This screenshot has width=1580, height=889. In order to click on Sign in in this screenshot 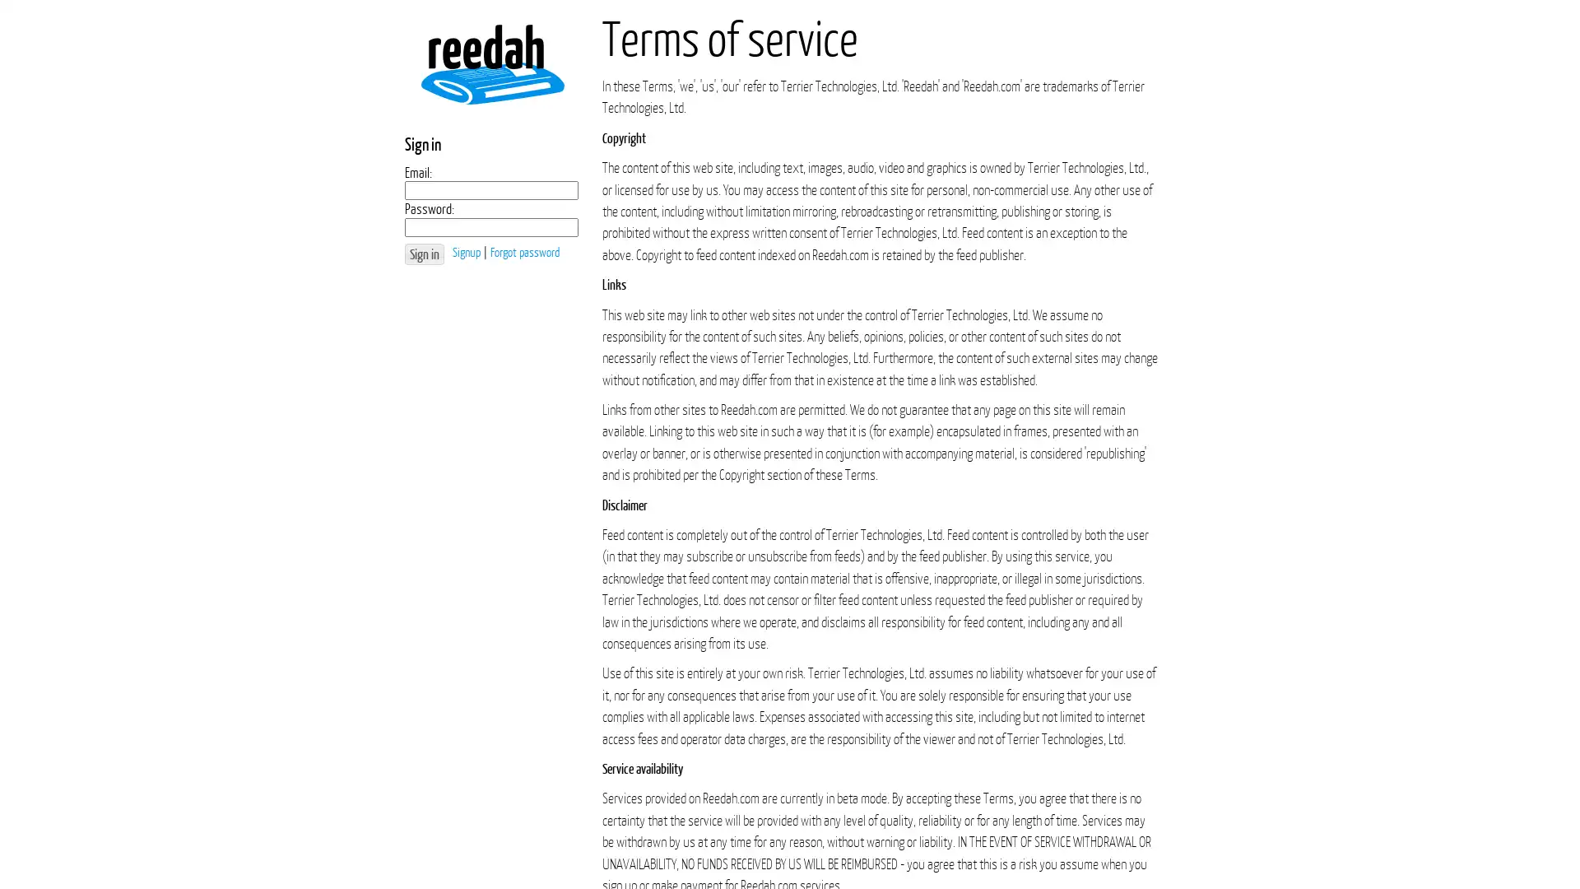, I will do `click(424, 254)`.